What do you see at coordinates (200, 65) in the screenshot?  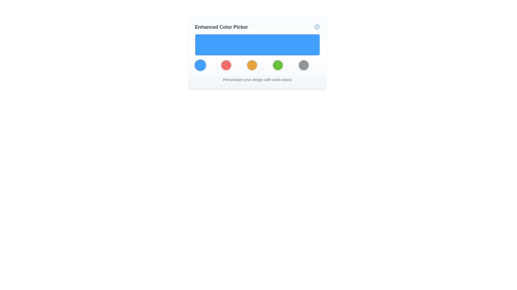 I see `the first circular button with a bright blue background and a two-tone blue border` at bounding box center [200, 65].